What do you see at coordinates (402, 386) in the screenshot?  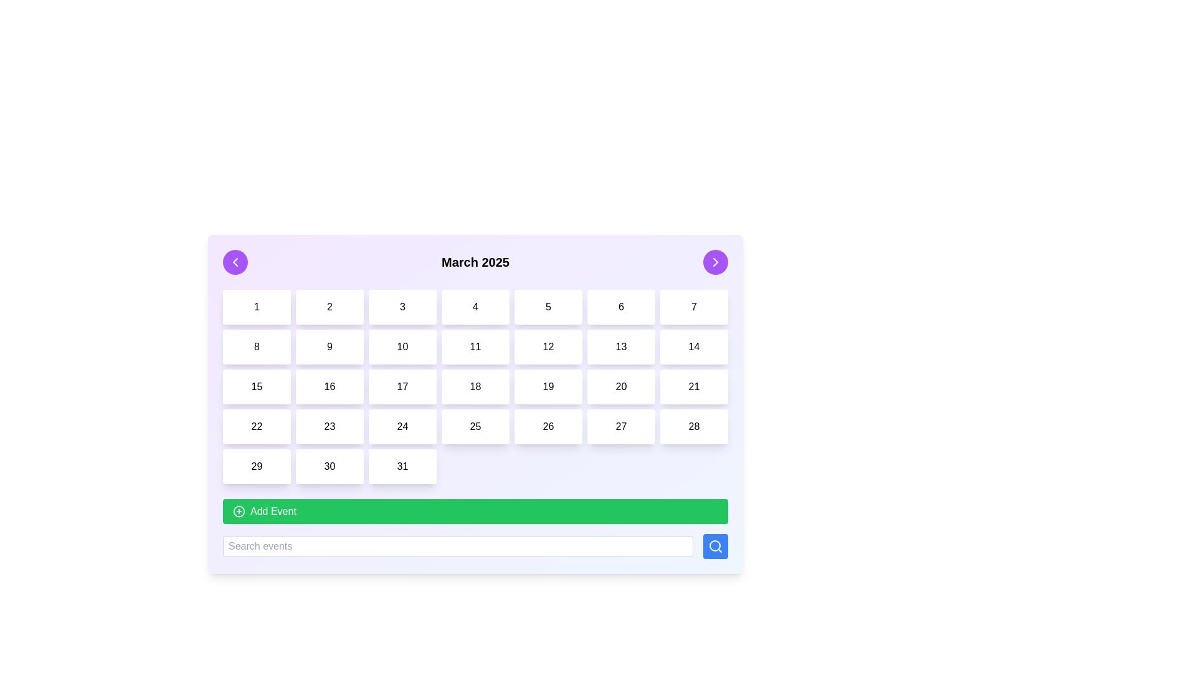 I see `the calendar date cell displaying the number '17', which is a square box with a white background and rounded corners, located in the fourth row and third column of the grid layout for March 2025` at bounding box center [402, 386].